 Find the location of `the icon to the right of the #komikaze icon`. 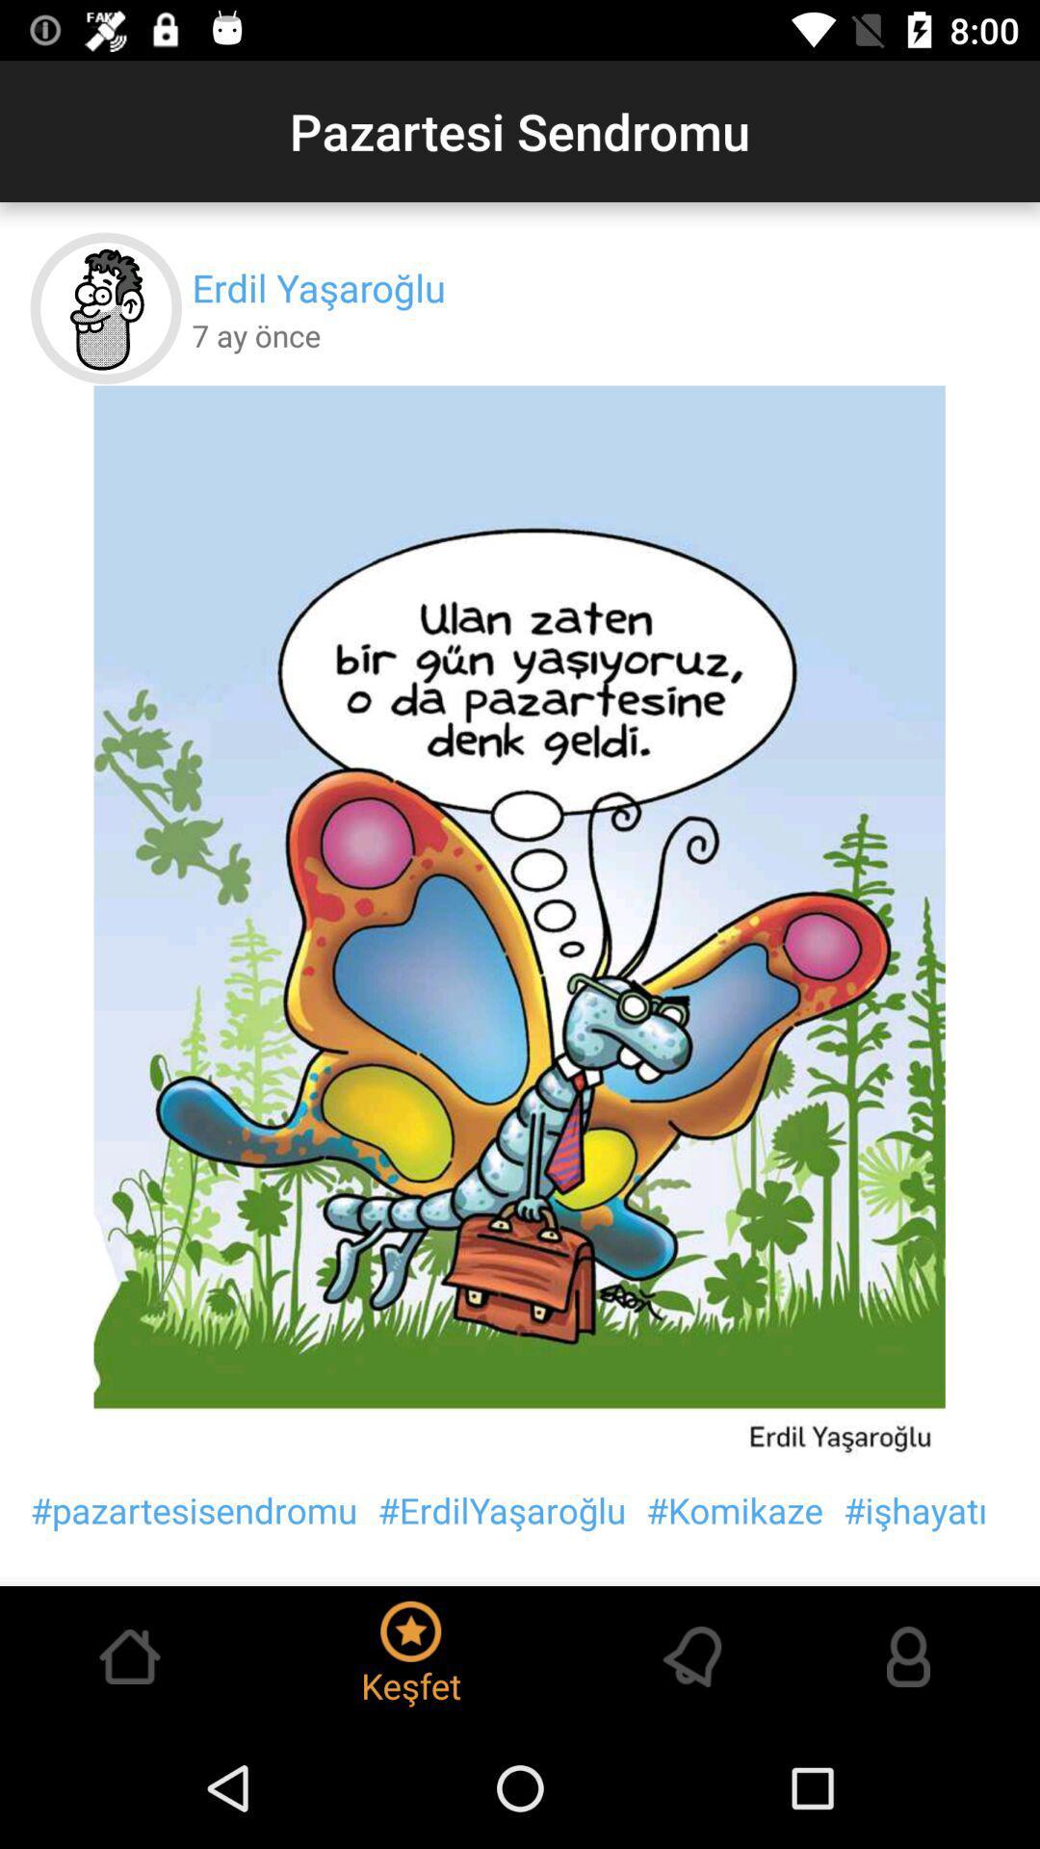

the icon to the right of the #komikaze icon is located at coordinates (914, 1509).